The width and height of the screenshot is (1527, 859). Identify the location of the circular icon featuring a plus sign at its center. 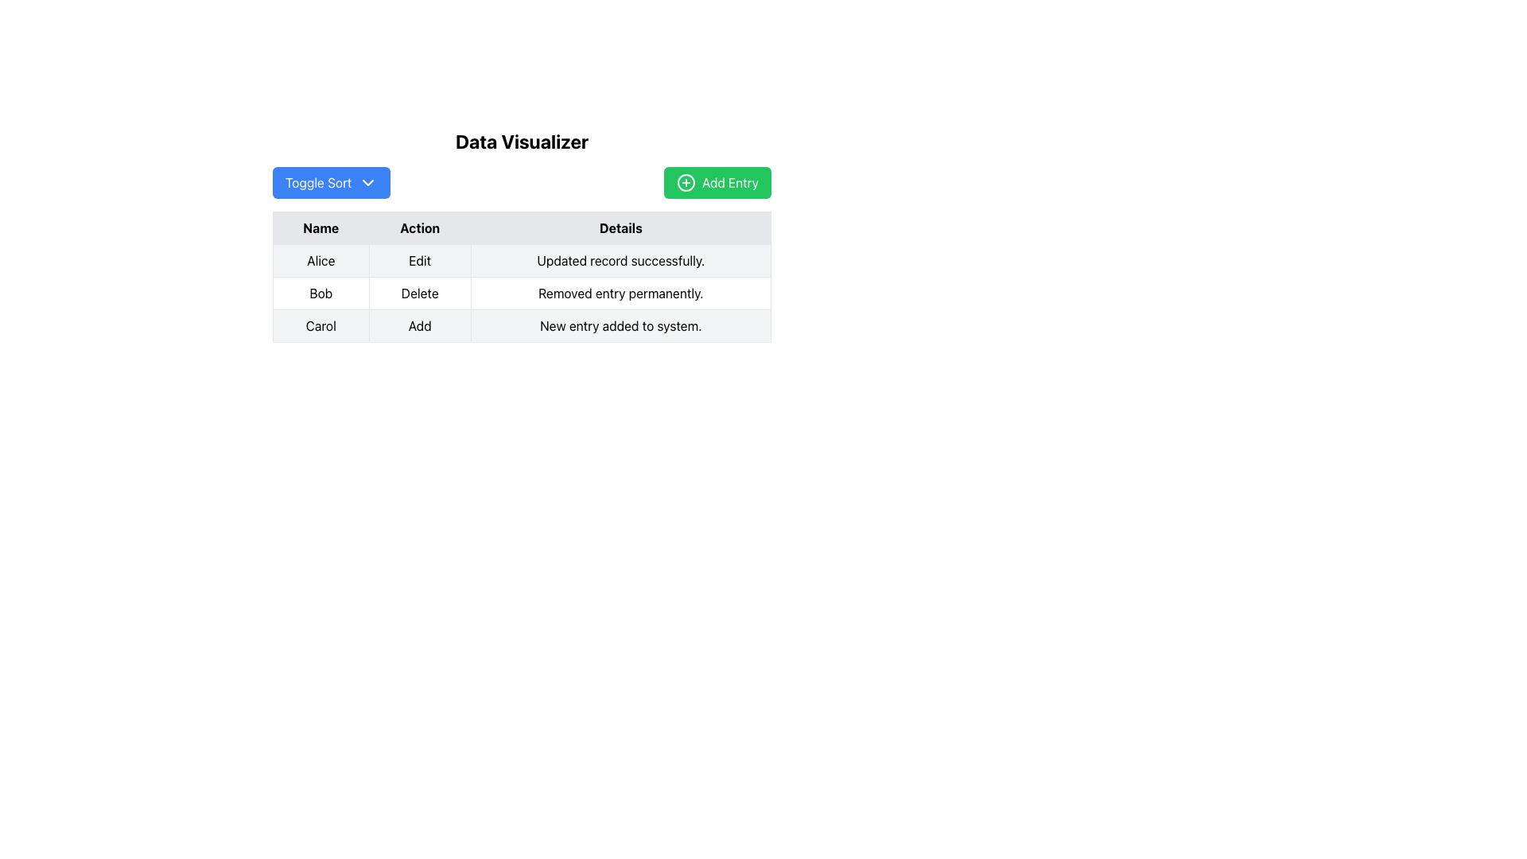
(686, 182).